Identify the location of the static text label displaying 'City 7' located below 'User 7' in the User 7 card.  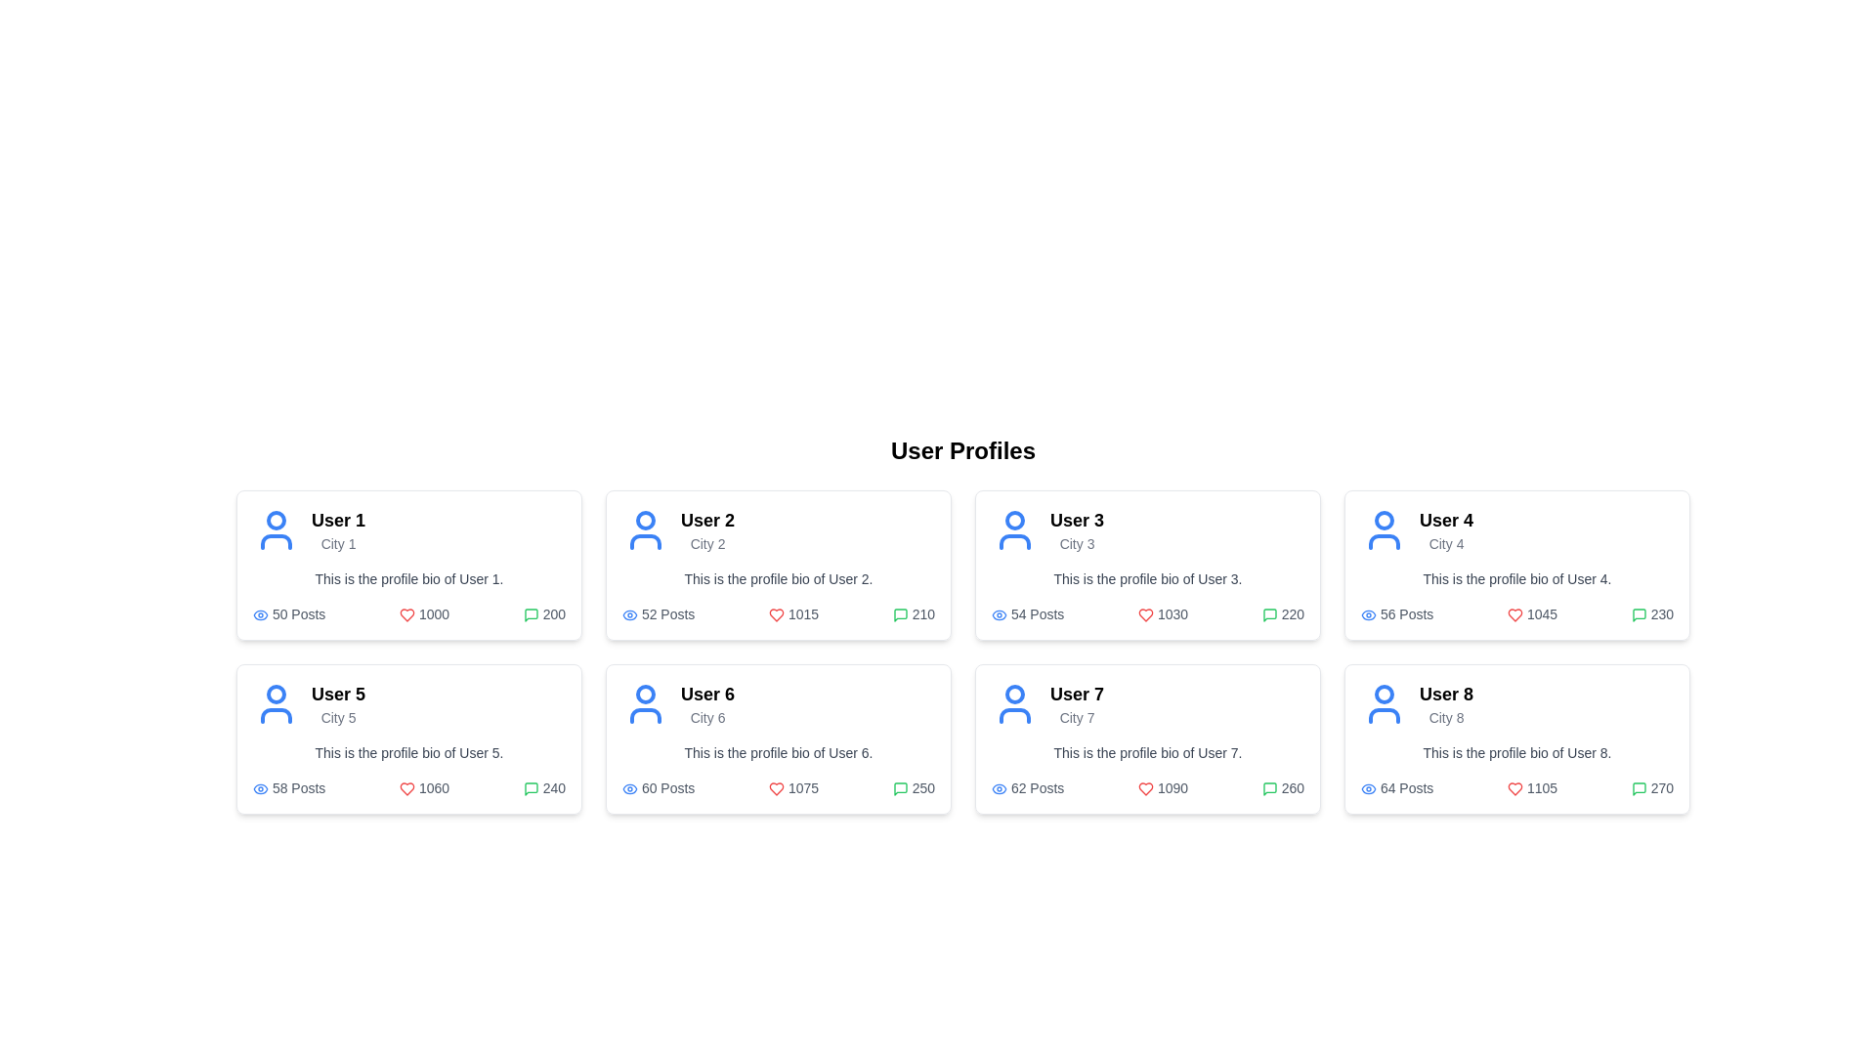
(1076, 718).